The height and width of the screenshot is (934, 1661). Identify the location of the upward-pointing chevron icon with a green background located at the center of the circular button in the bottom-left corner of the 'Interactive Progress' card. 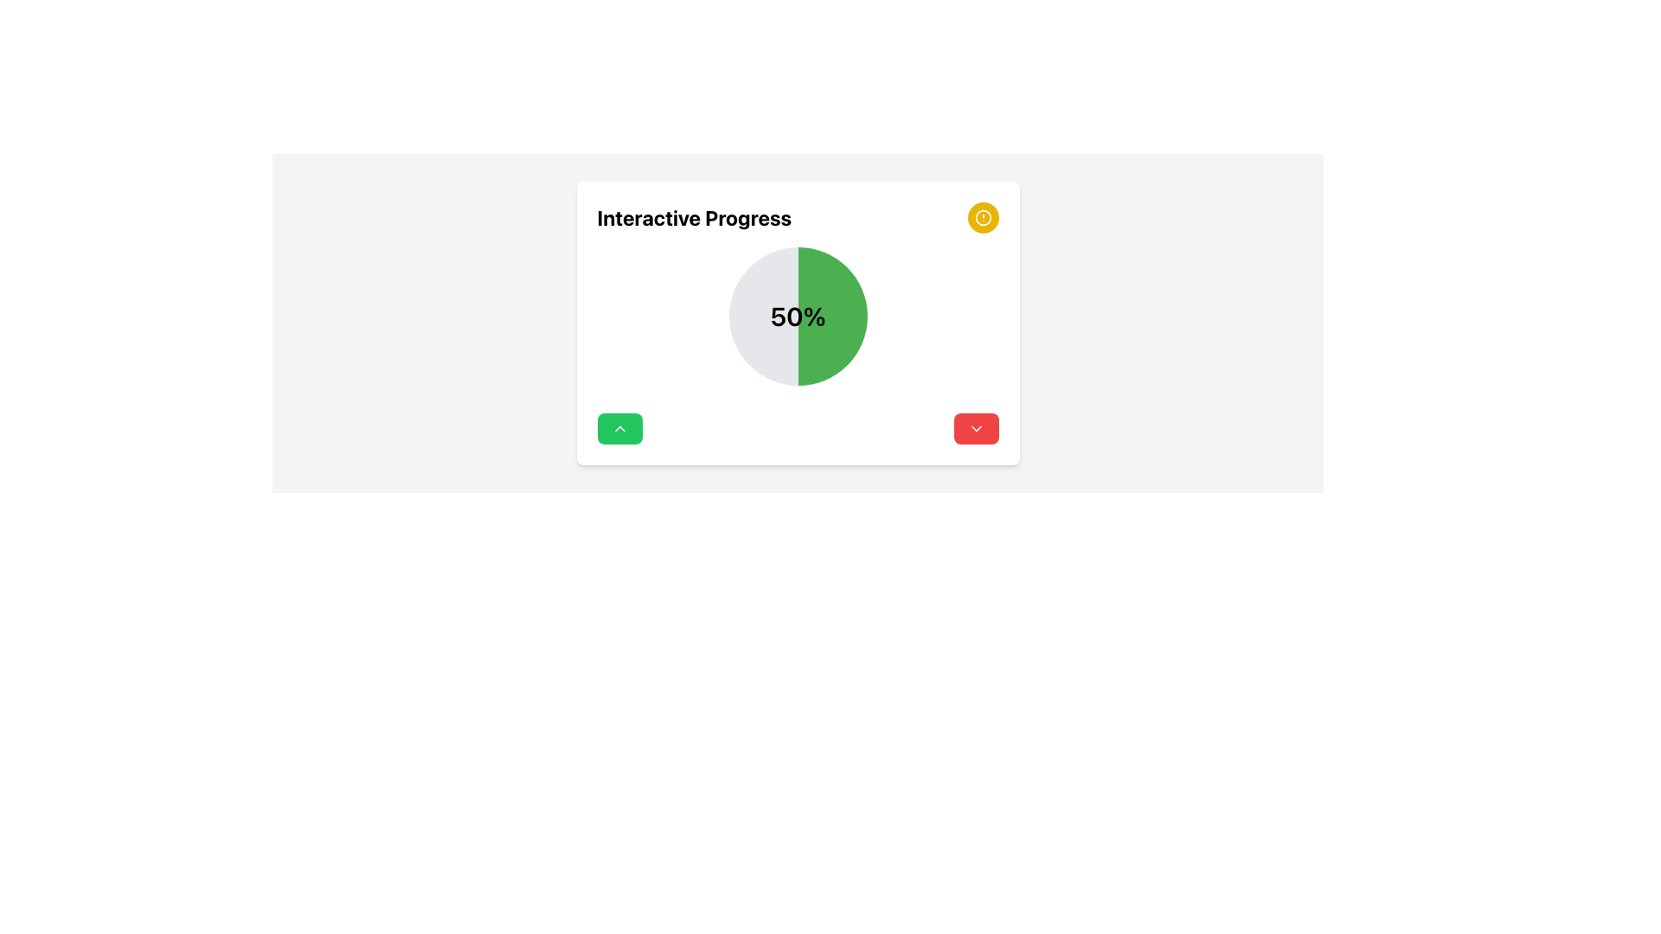
(619, 428).